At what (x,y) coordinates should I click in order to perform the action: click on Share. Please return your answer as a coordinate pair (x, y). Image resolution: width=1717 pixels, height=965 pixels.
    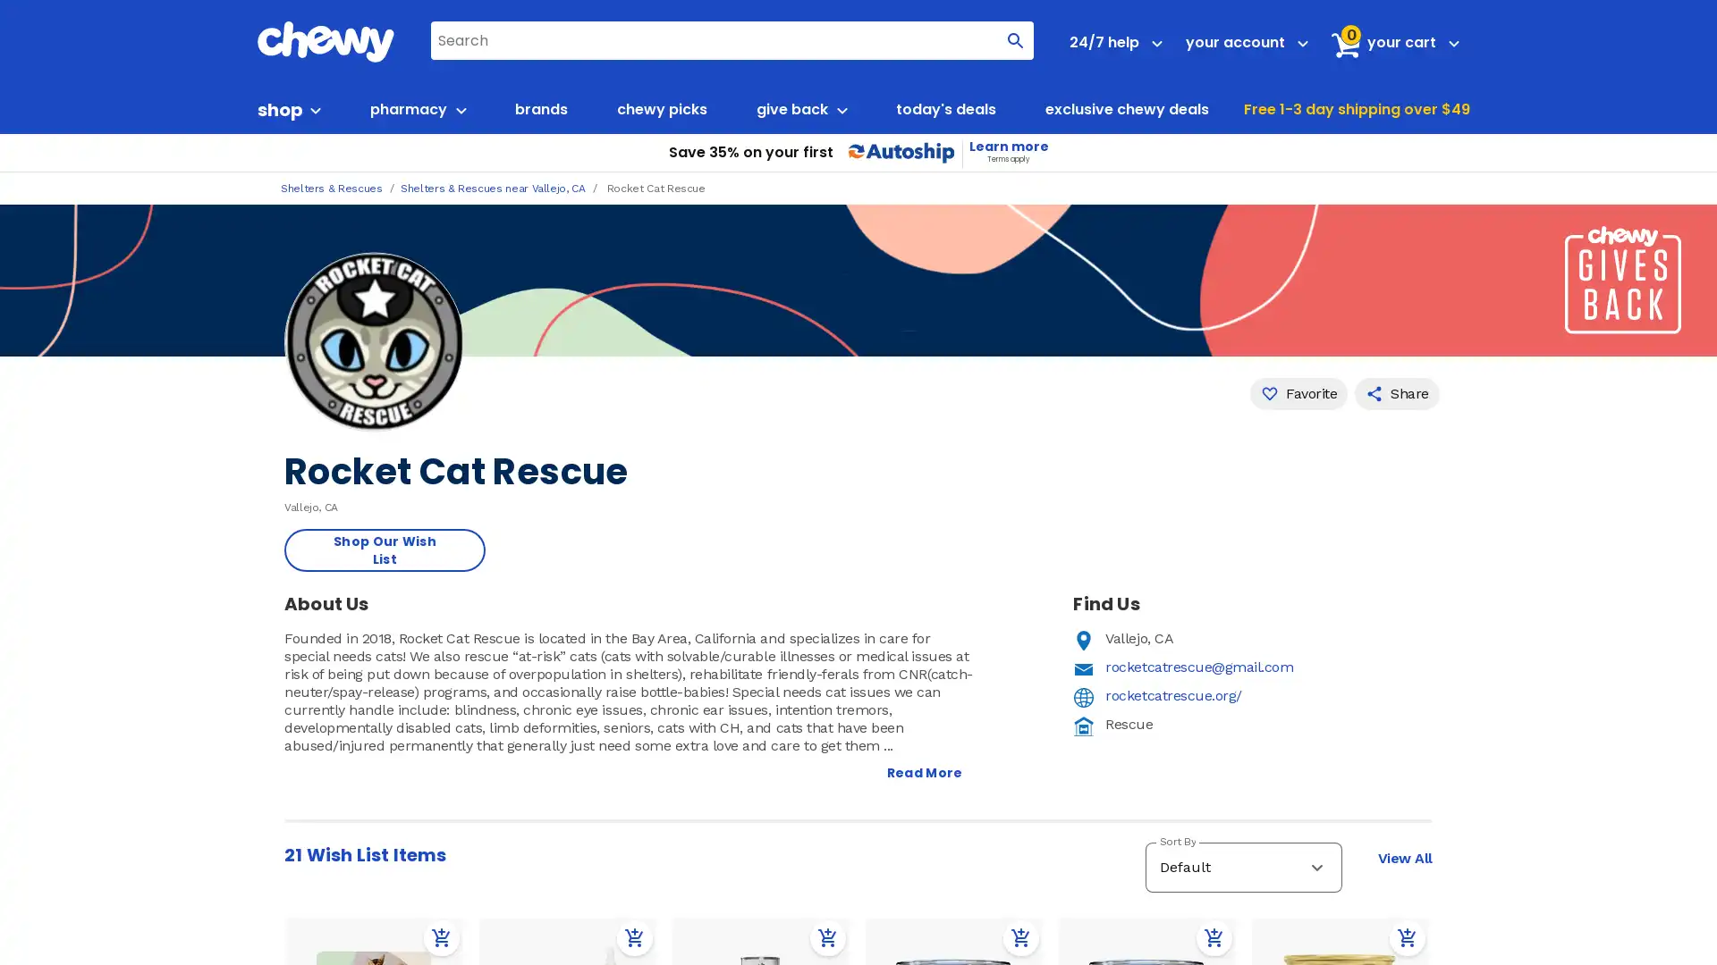
    Looking at the image, I should click on (1396, 392).